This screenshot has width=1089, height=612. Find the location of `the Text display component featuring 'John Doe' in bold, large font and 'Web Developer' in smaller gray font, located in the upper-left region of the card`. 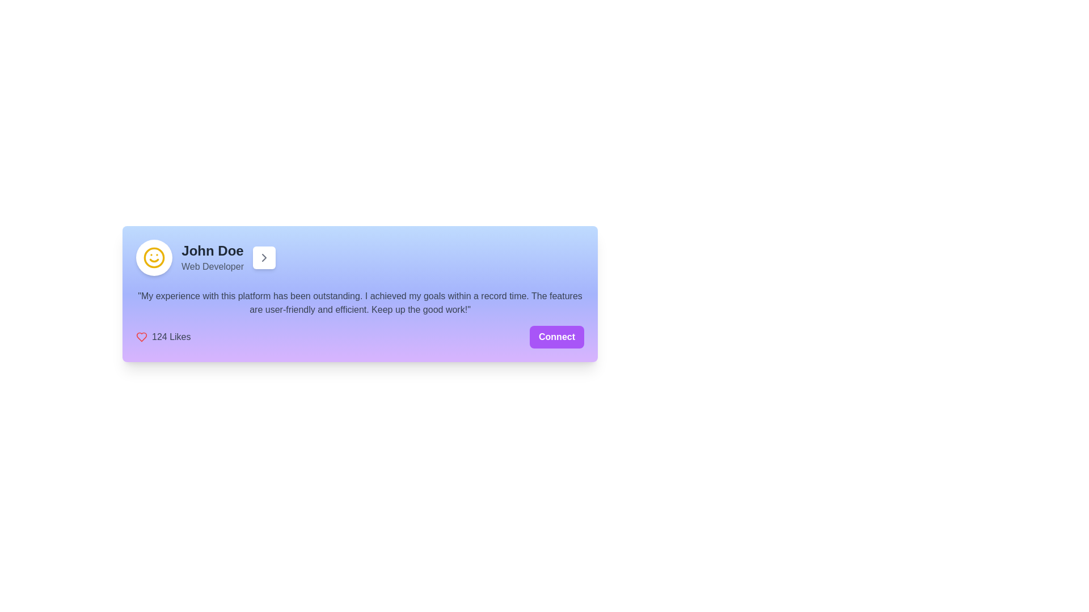

the Text display component featuring 'John Doe' in bold, large font and 'Web Developer' in smaller gray font, located in the upper-left region of the card is located at coordinates (212, 258).